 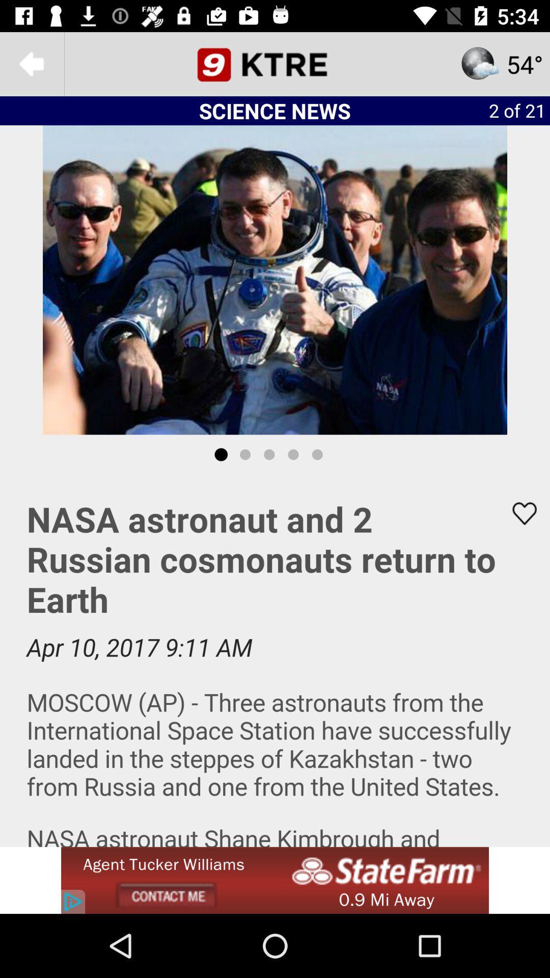 I want to click on previous, so click(x=31, y=63).